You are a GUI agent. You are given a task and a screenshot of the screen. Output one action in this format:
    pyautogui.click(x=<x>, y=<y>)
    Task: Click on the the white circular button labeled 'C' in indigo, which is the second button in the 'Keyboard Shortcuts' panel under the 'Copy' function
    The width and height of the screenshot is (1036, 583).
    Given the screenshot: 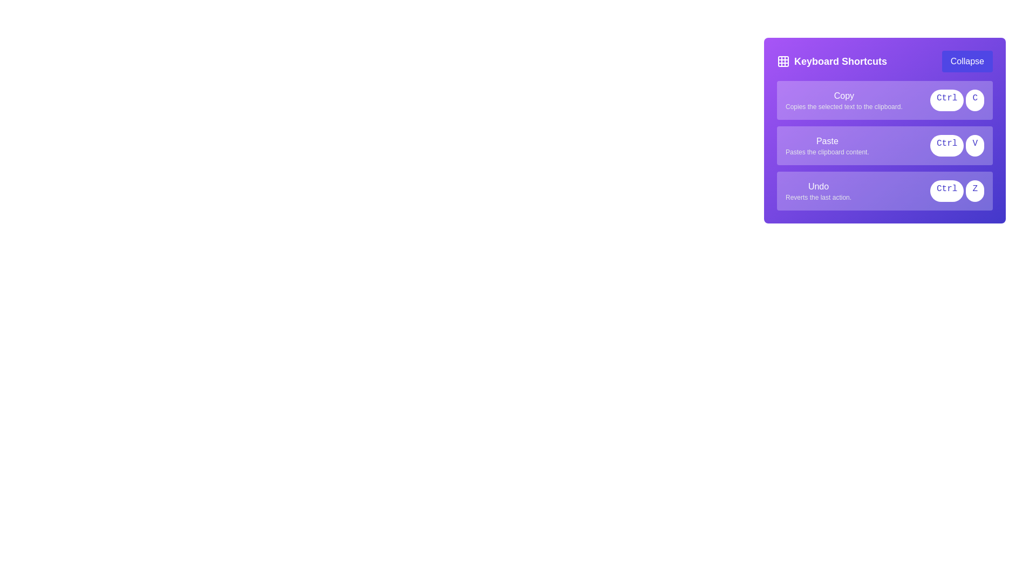 What is the action you would take?
    pyautogui.click(x=975, y=100)
    